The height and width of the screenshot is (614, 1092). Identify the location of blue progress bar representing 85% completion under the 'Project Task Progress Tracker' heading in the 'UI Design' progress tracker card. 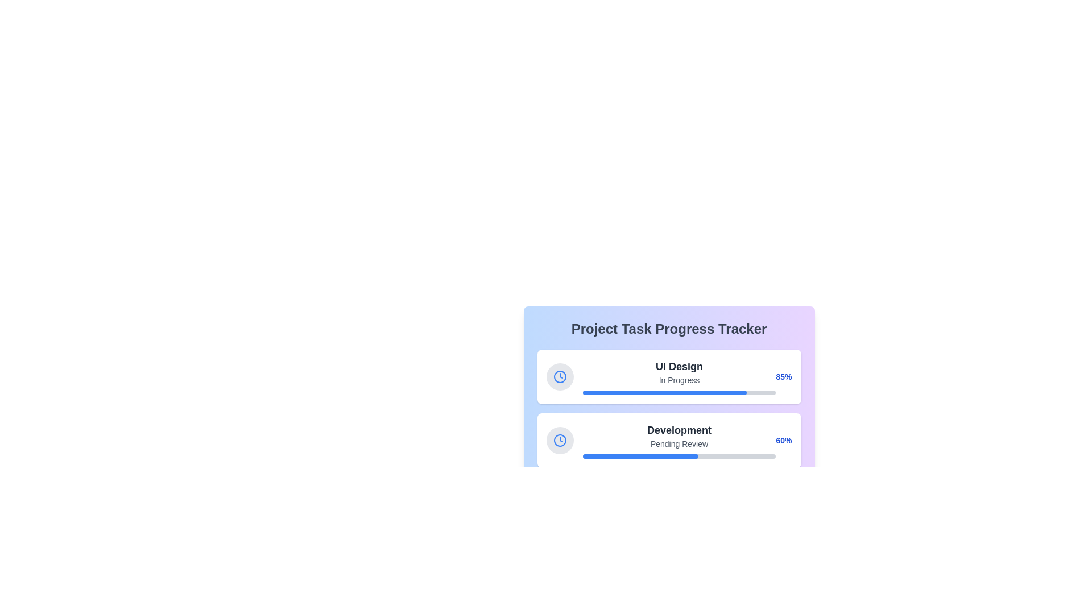
(664, 392).